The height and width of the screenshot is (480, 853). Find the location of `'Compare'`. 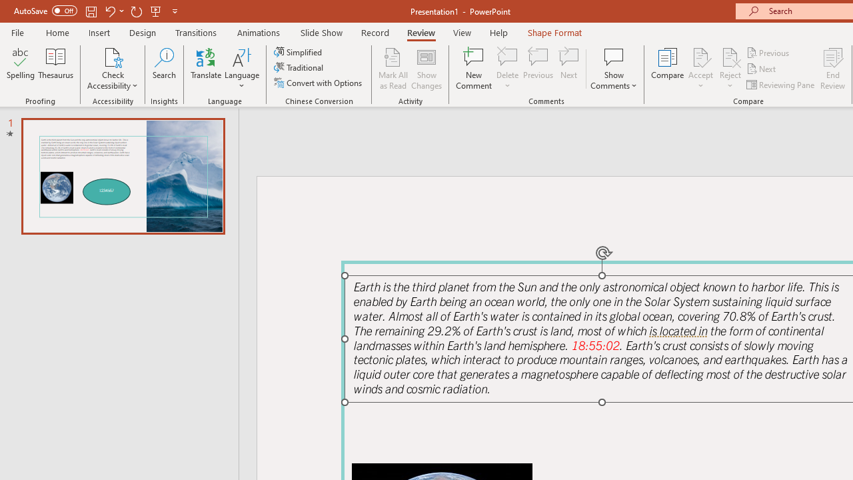

'Compare' is located at coordinates (668, 69).